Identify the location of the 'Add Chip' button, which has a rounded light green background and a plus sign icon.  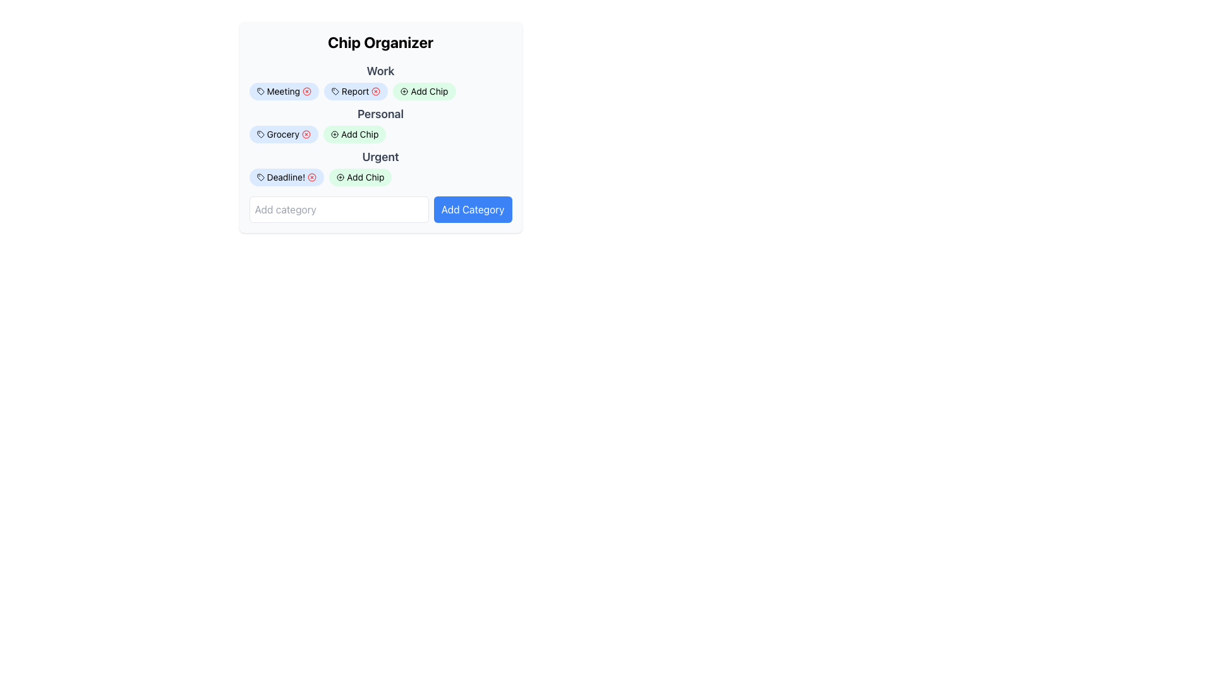
(425, 91).